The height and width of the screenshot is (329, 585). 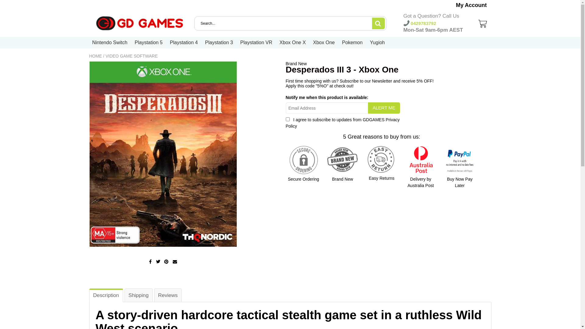 I want to click on 'Description', so click(x=106, y=295).